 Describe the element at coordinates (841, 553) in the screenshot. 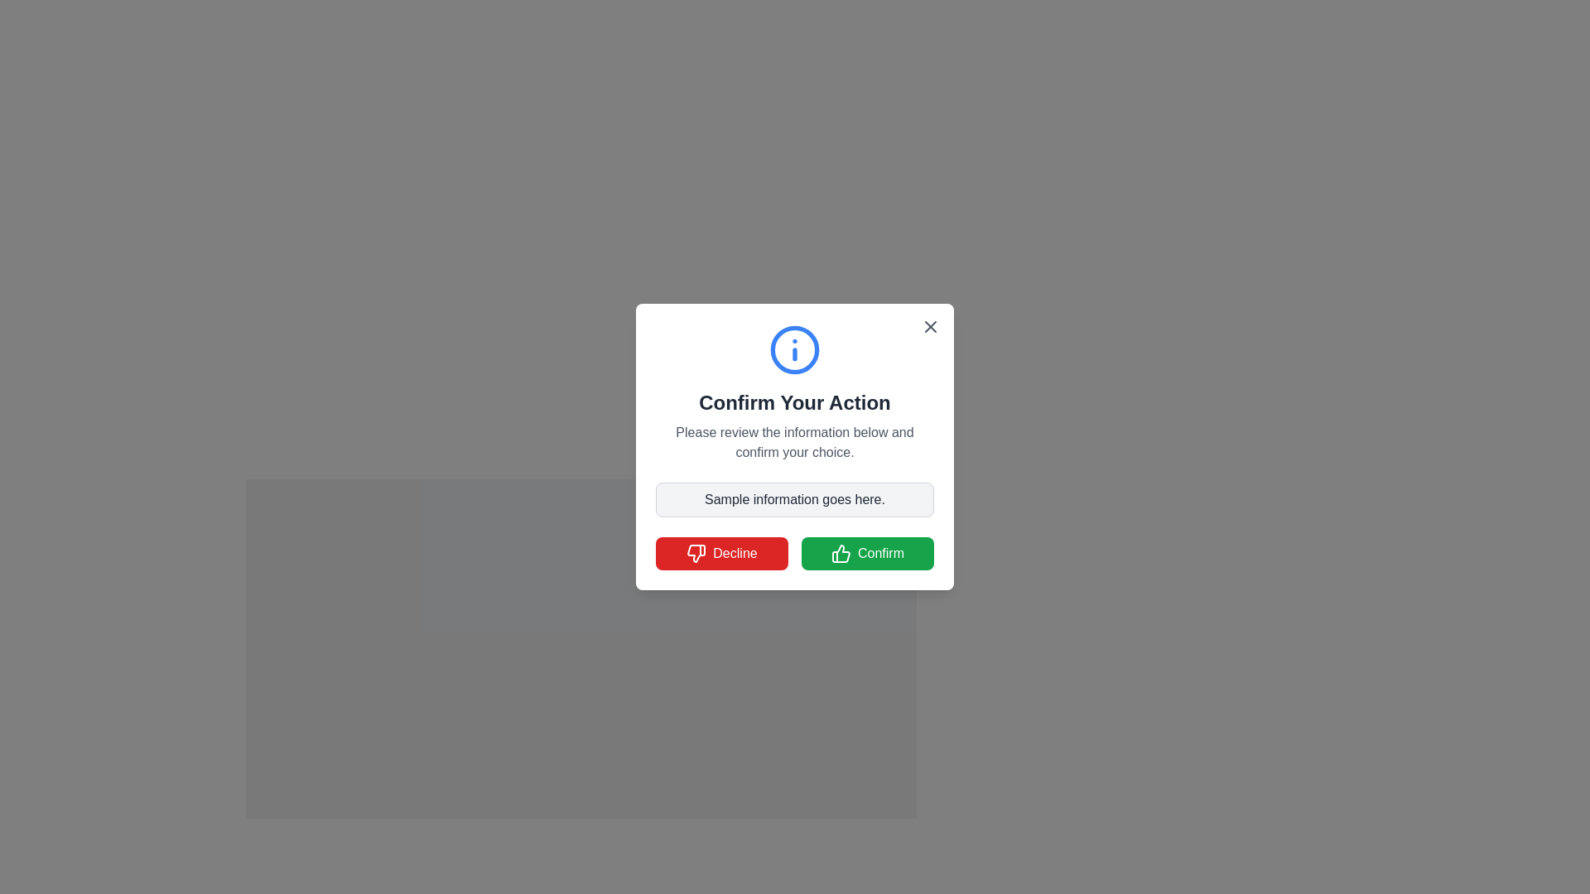

I see `the 'Confirm' button by clicking on the confirmation icon located at the lower-right corner of the dialog box, which is the rightmost icon of the button` at that location.